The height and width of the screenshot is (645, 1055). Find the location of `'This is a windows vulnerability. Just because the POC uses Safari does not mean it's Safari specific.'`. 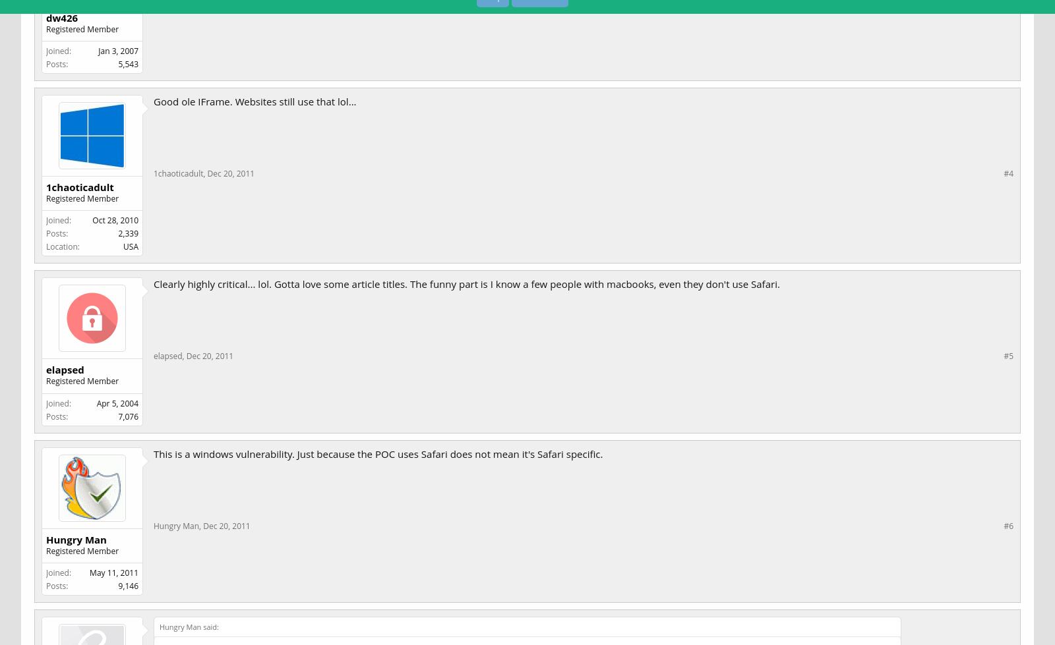

'This is a windows vulnerability. Just because the POC uses Safari does not mean it's Safari specific.' is located at coordinates (377, 453).